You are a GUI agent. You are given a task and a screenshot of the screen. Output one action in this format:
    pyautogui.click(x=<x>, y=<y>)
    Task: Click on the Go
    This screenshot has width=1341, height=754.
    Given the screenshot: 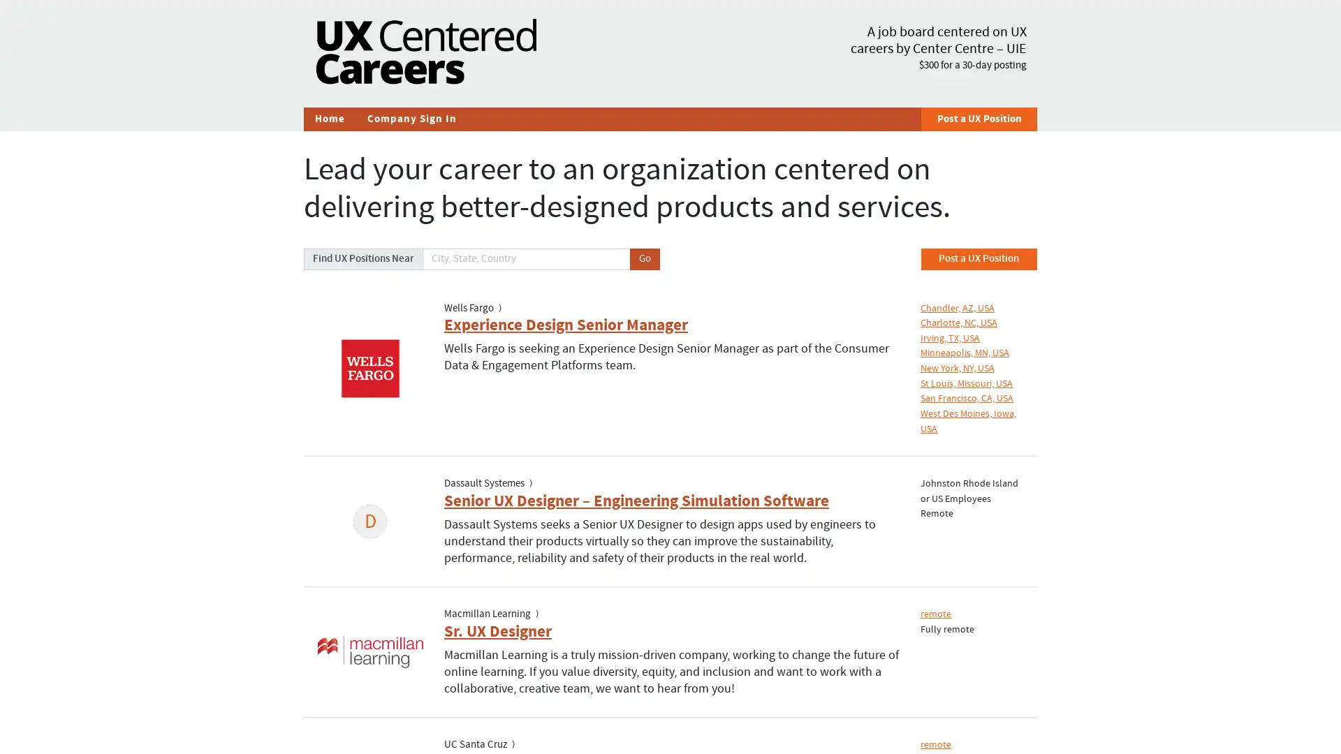 What is the action you would take?
    pyautogui.click(x=644, y=258)
    